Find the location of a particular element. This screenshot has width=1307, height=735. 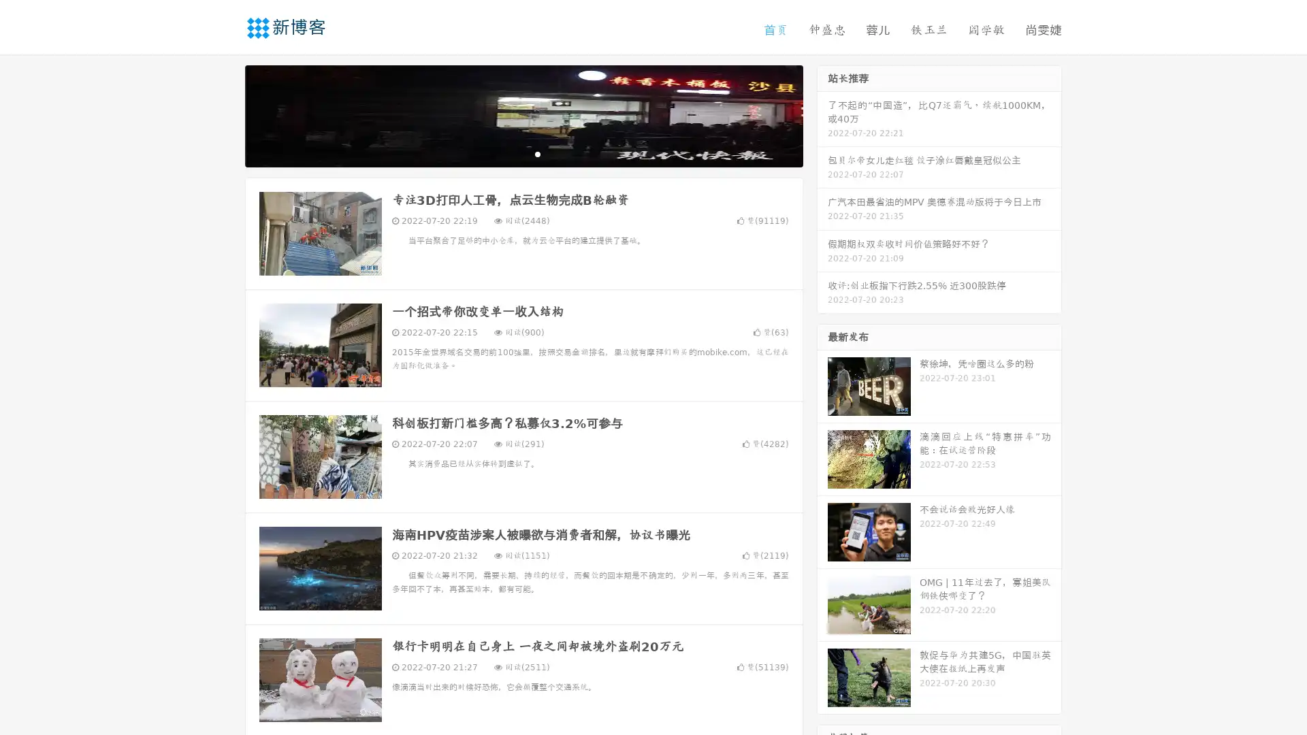

Previous slide is located at coordinates (225, 114).